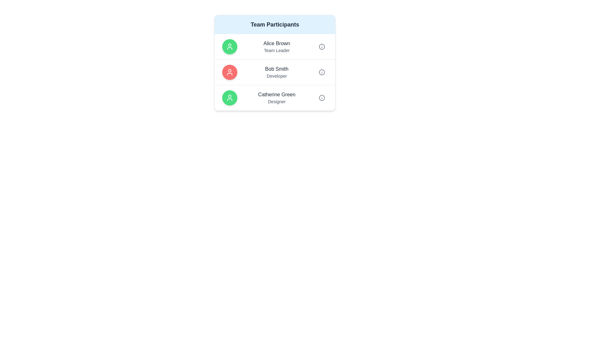 The width and height of the screenshot is (606, 341). I want to click on the user identification icon representing 'Bob Smith', the second icon in the participant list, which visually indicates his role as a Developer, so click(229, 72).